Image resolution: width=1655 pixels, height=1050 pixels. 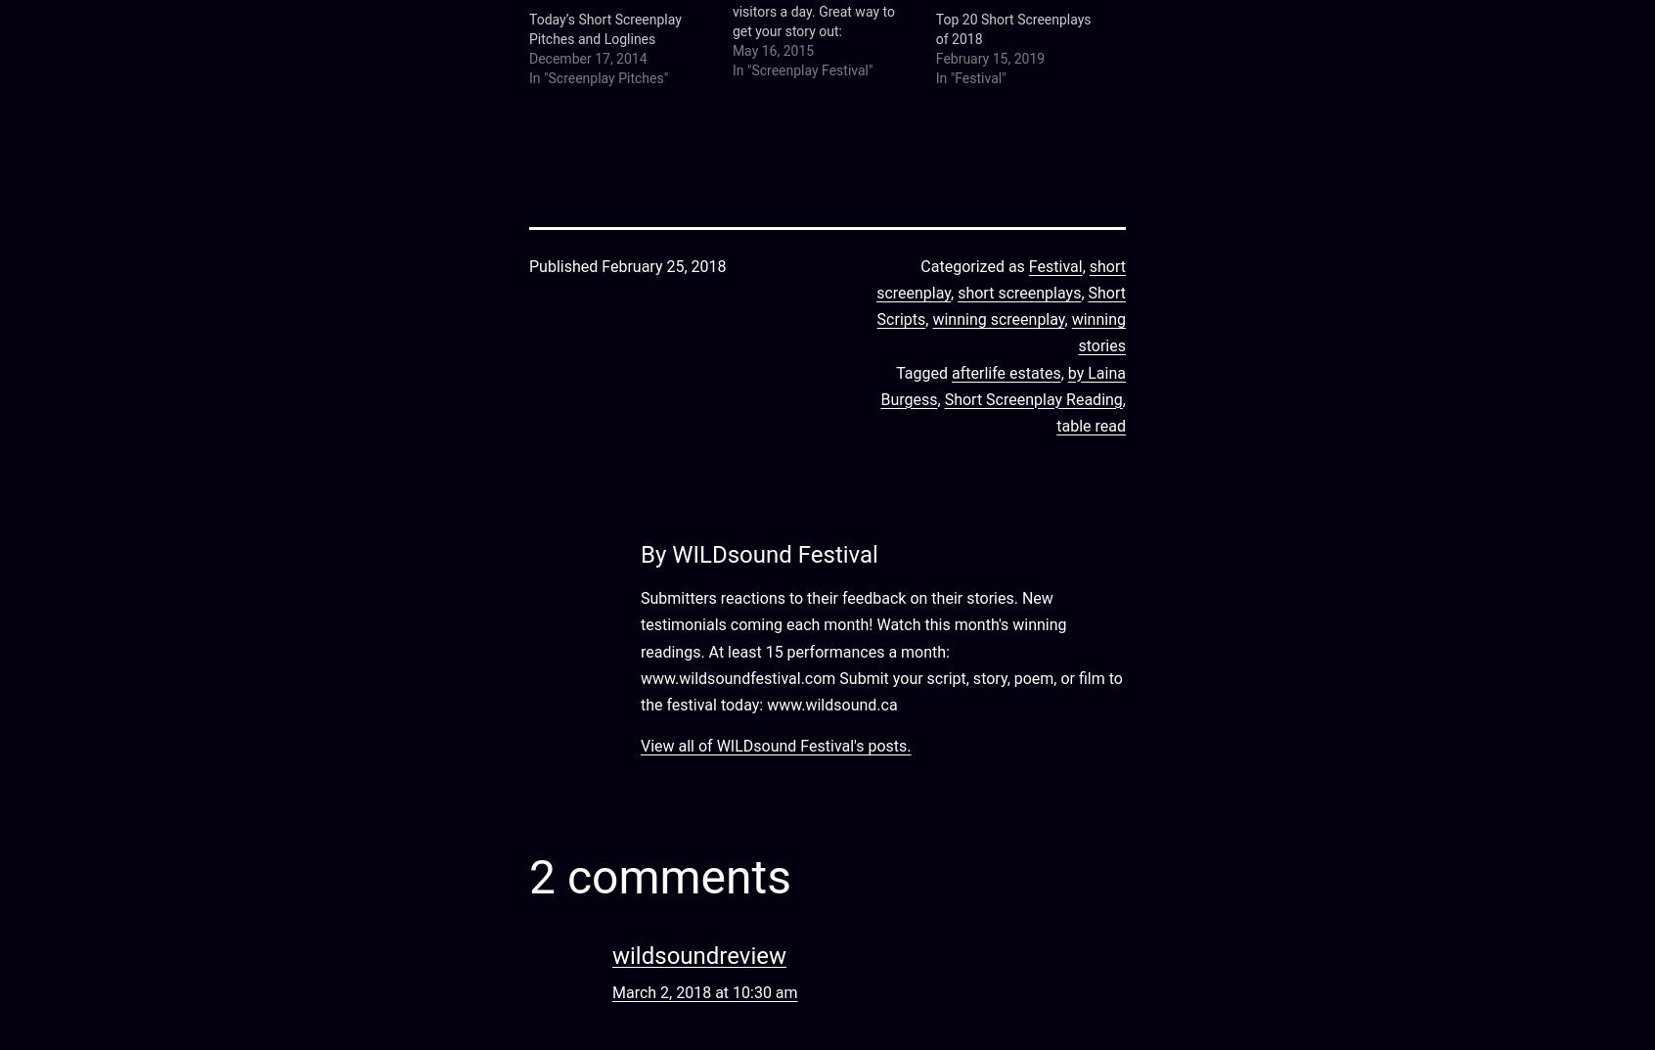 What do you see at coordinates (639, 652) in the screenshot?
I see `'Submitters reactions to their feedback on their stories. New testimonials coming each month!

Watch this month's winning readings. At least 15 performances a month:

www.wildsoundfestival.com

Submit your script, story, poem, or film to the festival today:

www.wildsound.ca'` at bounding box center [639, 652].